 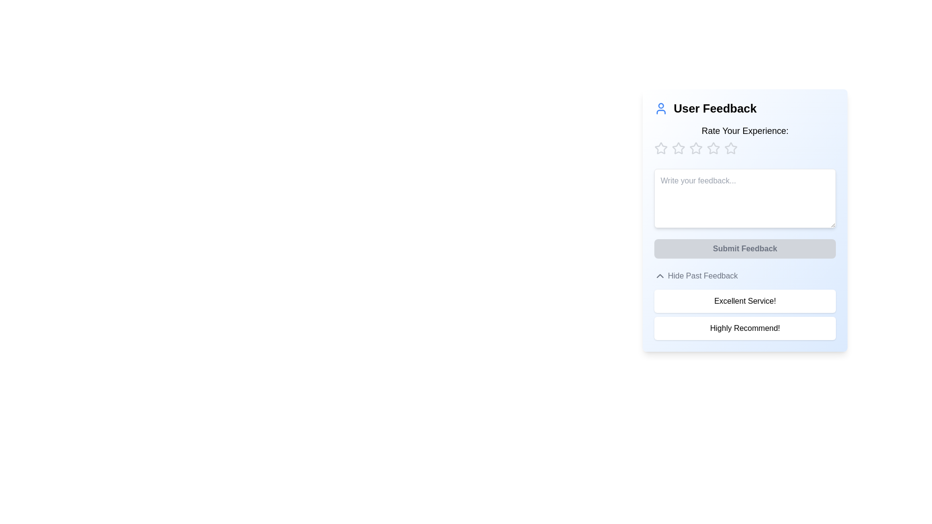 I want to click on the chevron arrow icon next to 'Hide Past Feedback' in the 'User Feedback' panel, so click(x=660, y=276).